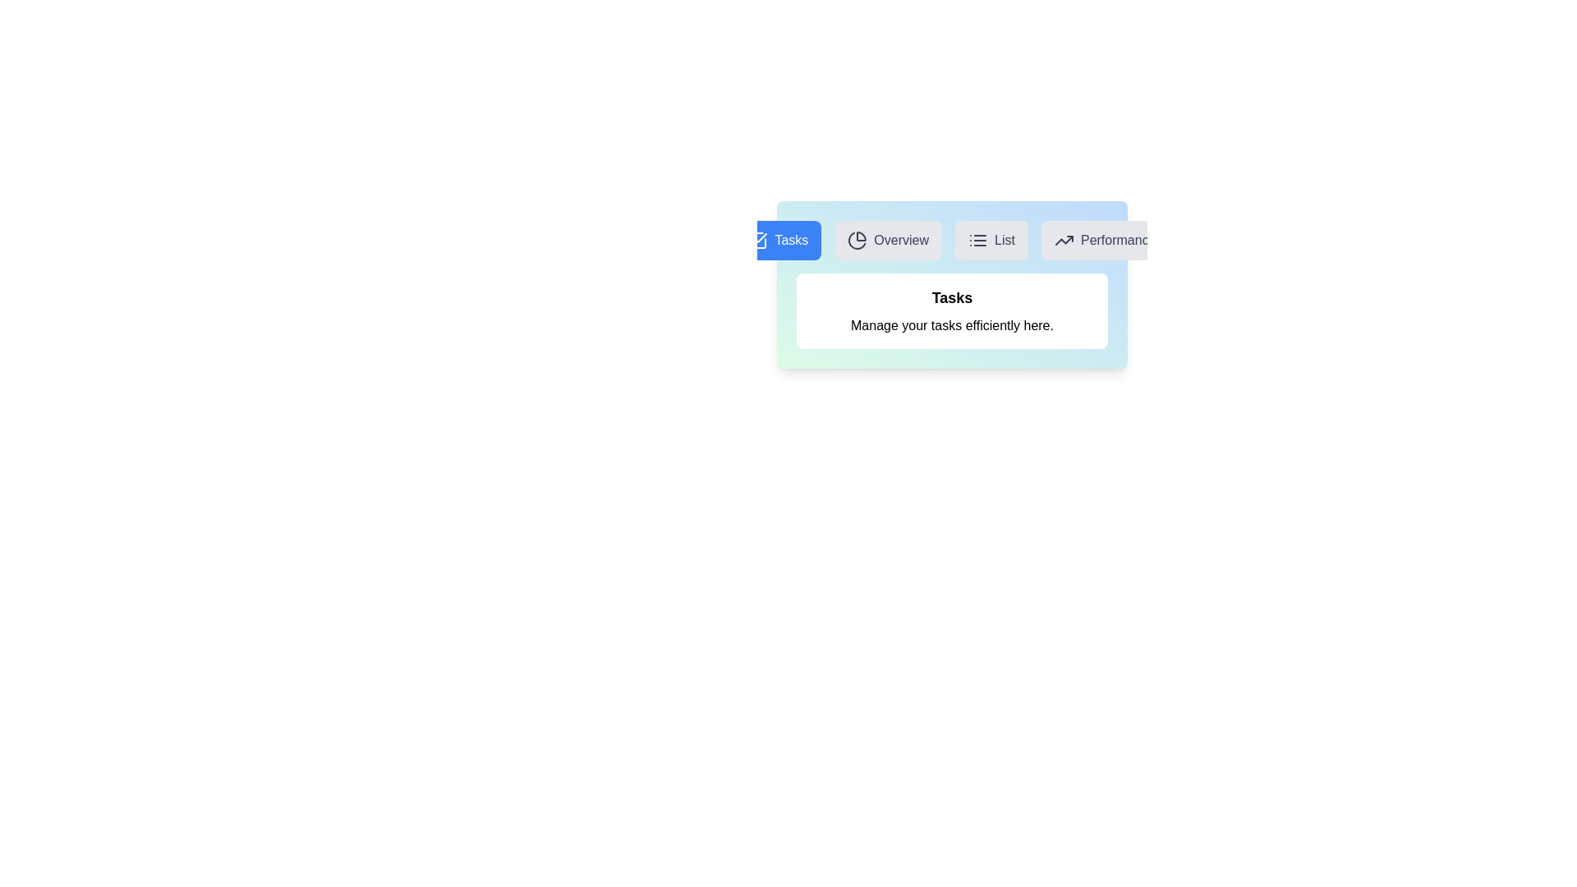 This screenshot has width=1577, height=887. What do you see at coordinates (1104, 241) in the screenshot?
I see `the Performance tab` at bounding box center [1104, 241].